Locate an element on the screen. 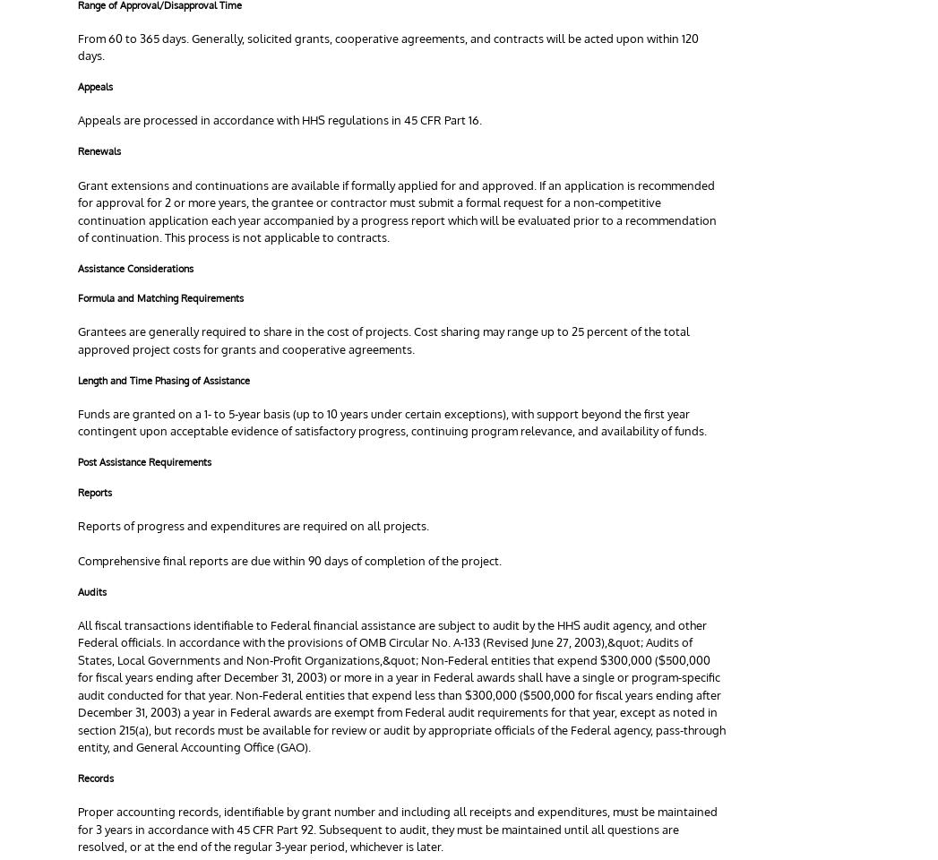 This screenshot has width=938, height=860. 'Reports' is located at coordinates (78, 492).